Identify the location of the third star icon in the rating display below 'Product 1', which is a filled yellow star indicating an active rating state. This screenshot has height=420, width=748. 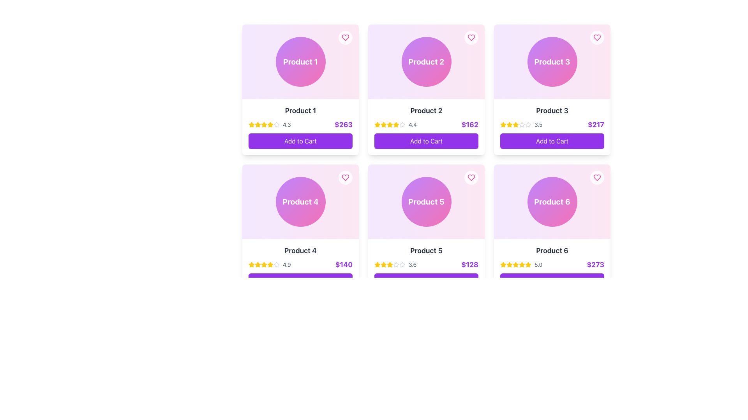
(258, 124).